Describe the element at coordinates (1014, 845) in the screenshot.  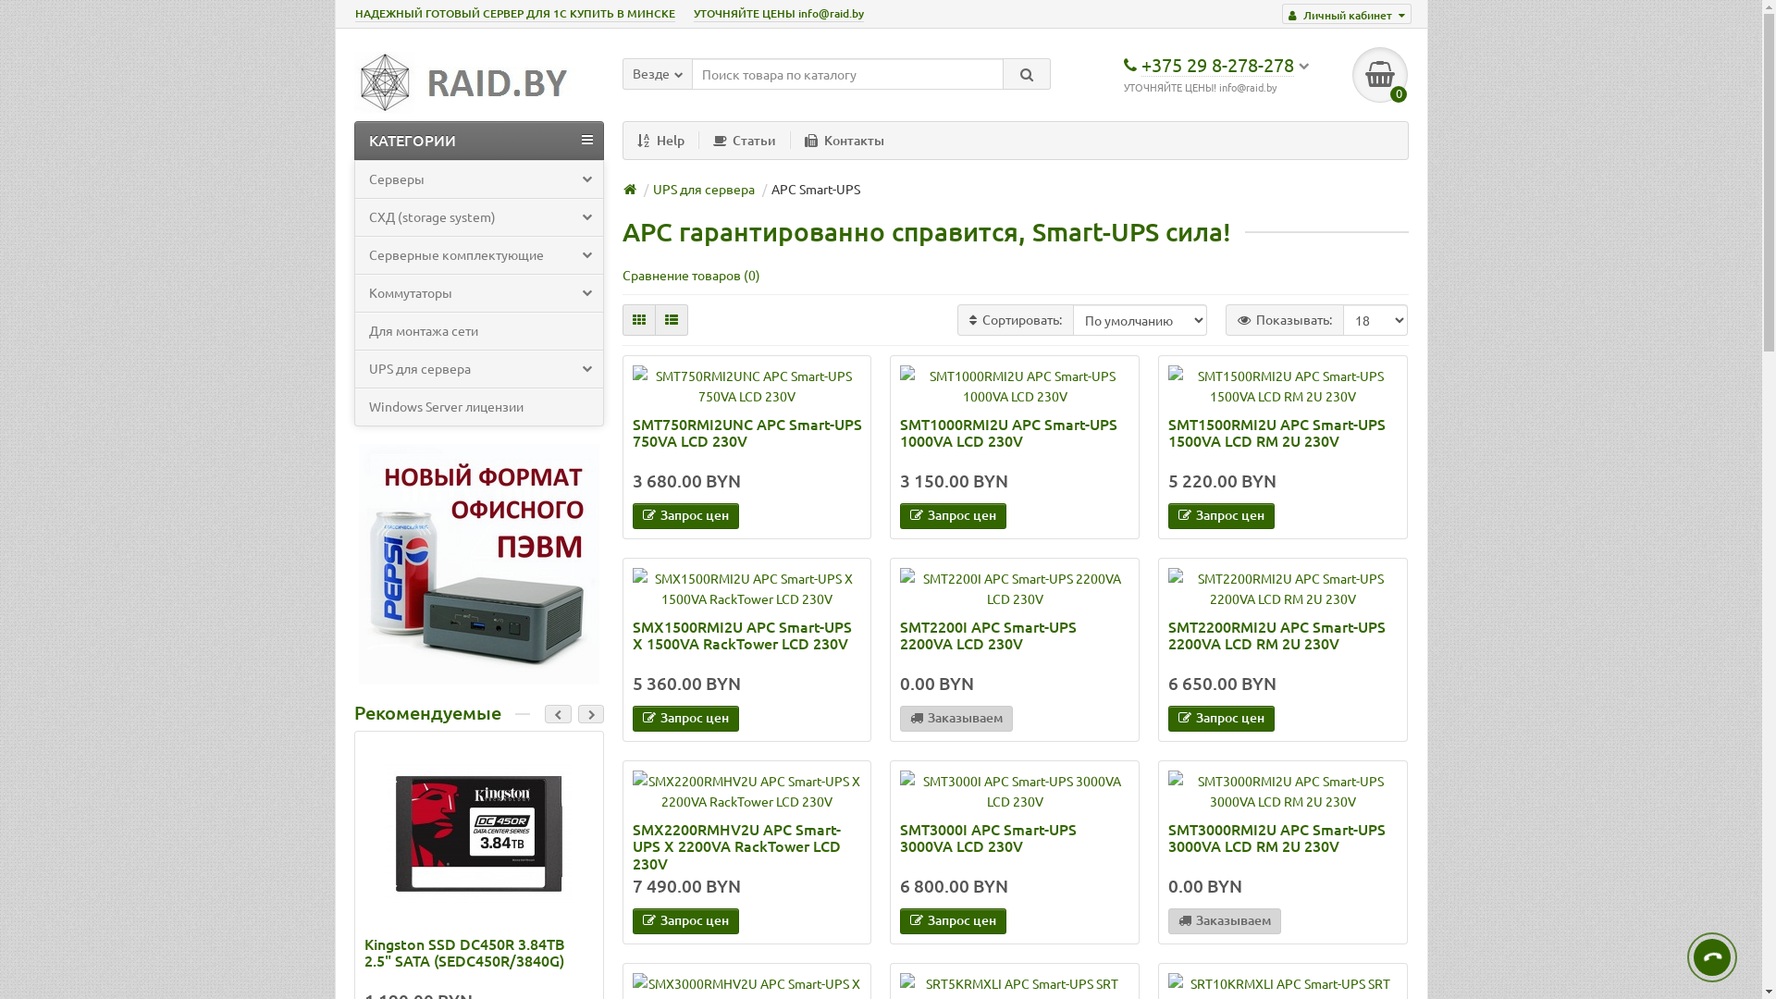
I see `'SMT3000I APC Smart-UPS 3000VA LCD 230V'` at that location.